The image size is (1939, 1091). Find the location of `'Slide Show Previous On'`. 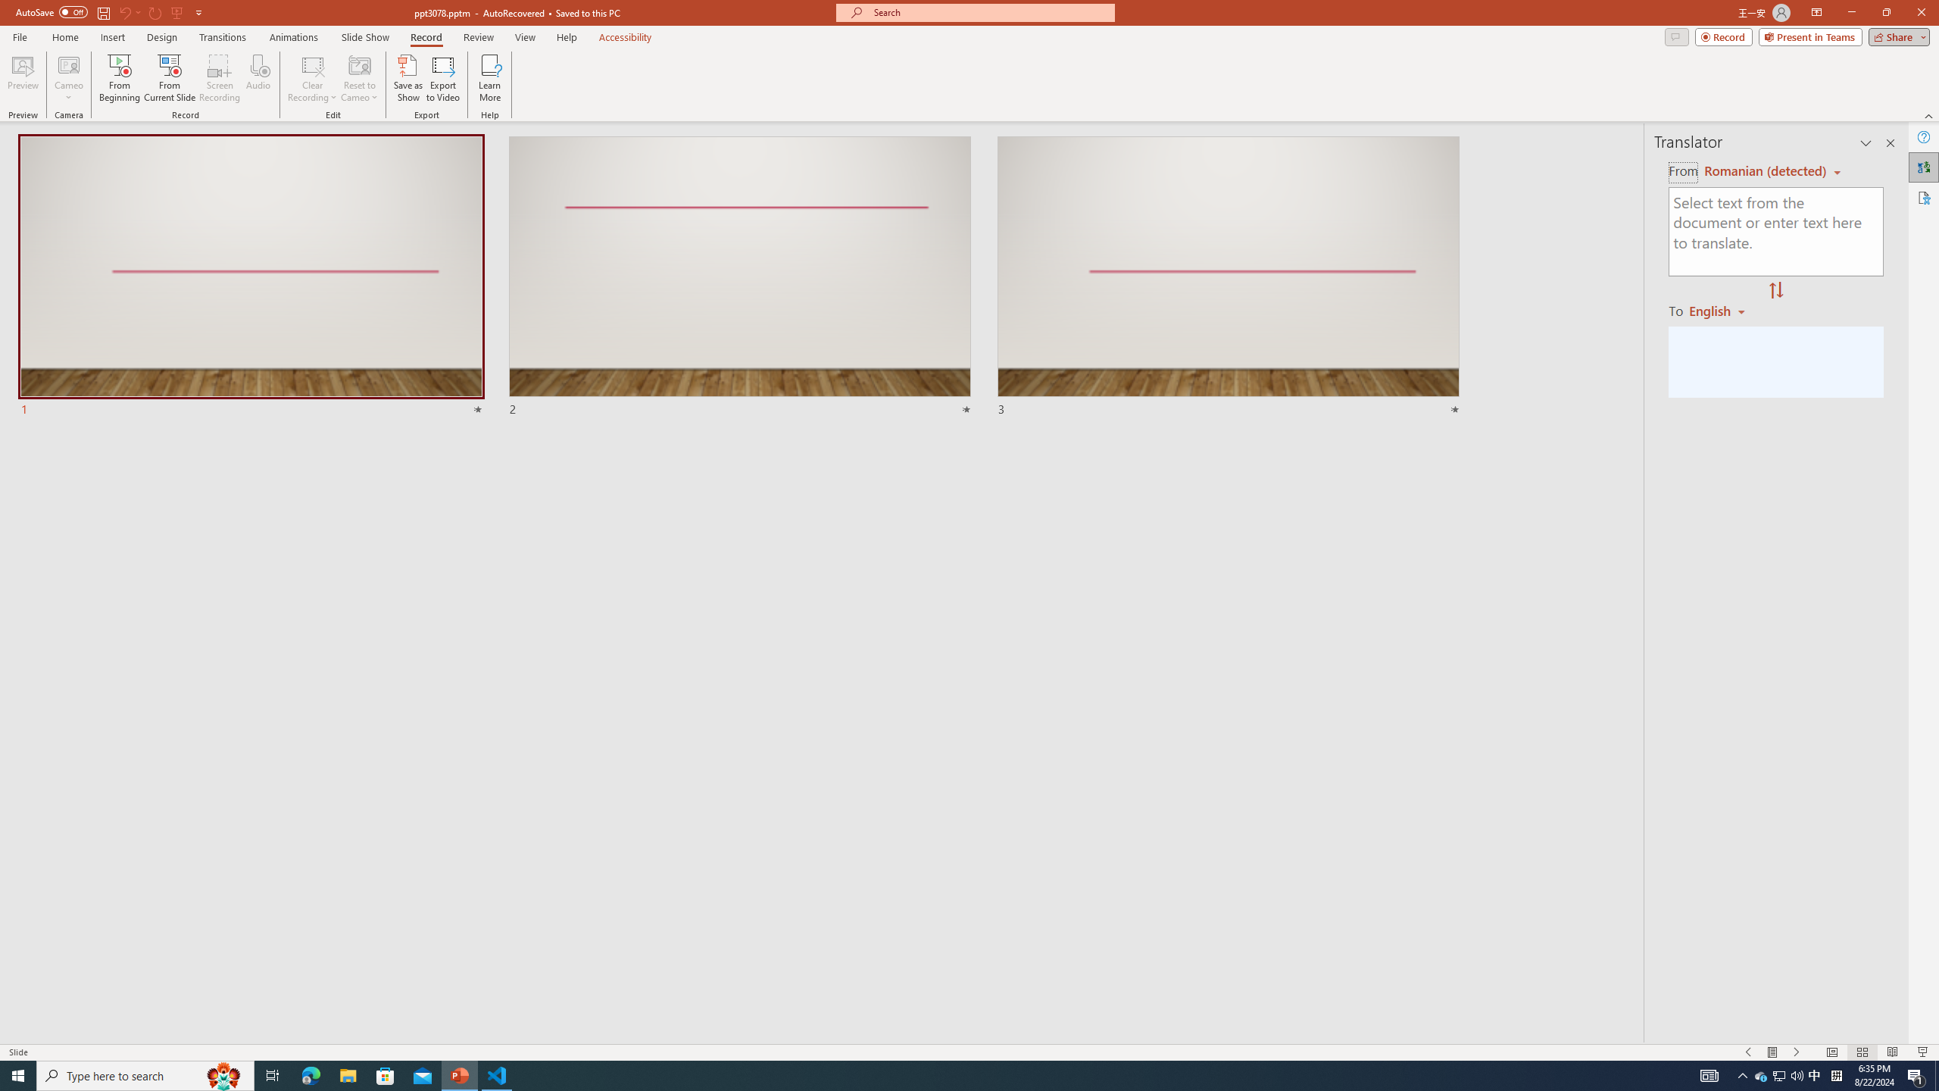

'Slide Show Previous On' is located at coordinates (1748, 1052).